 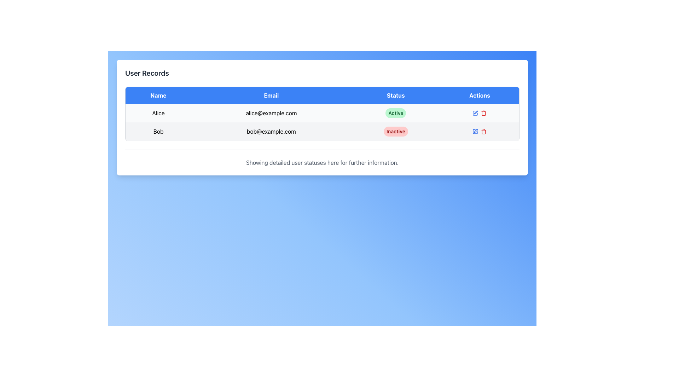 What do you see at coordinates (483, 113) in the screenshot?
I see `the delete button` at bounding box center [483, 113].